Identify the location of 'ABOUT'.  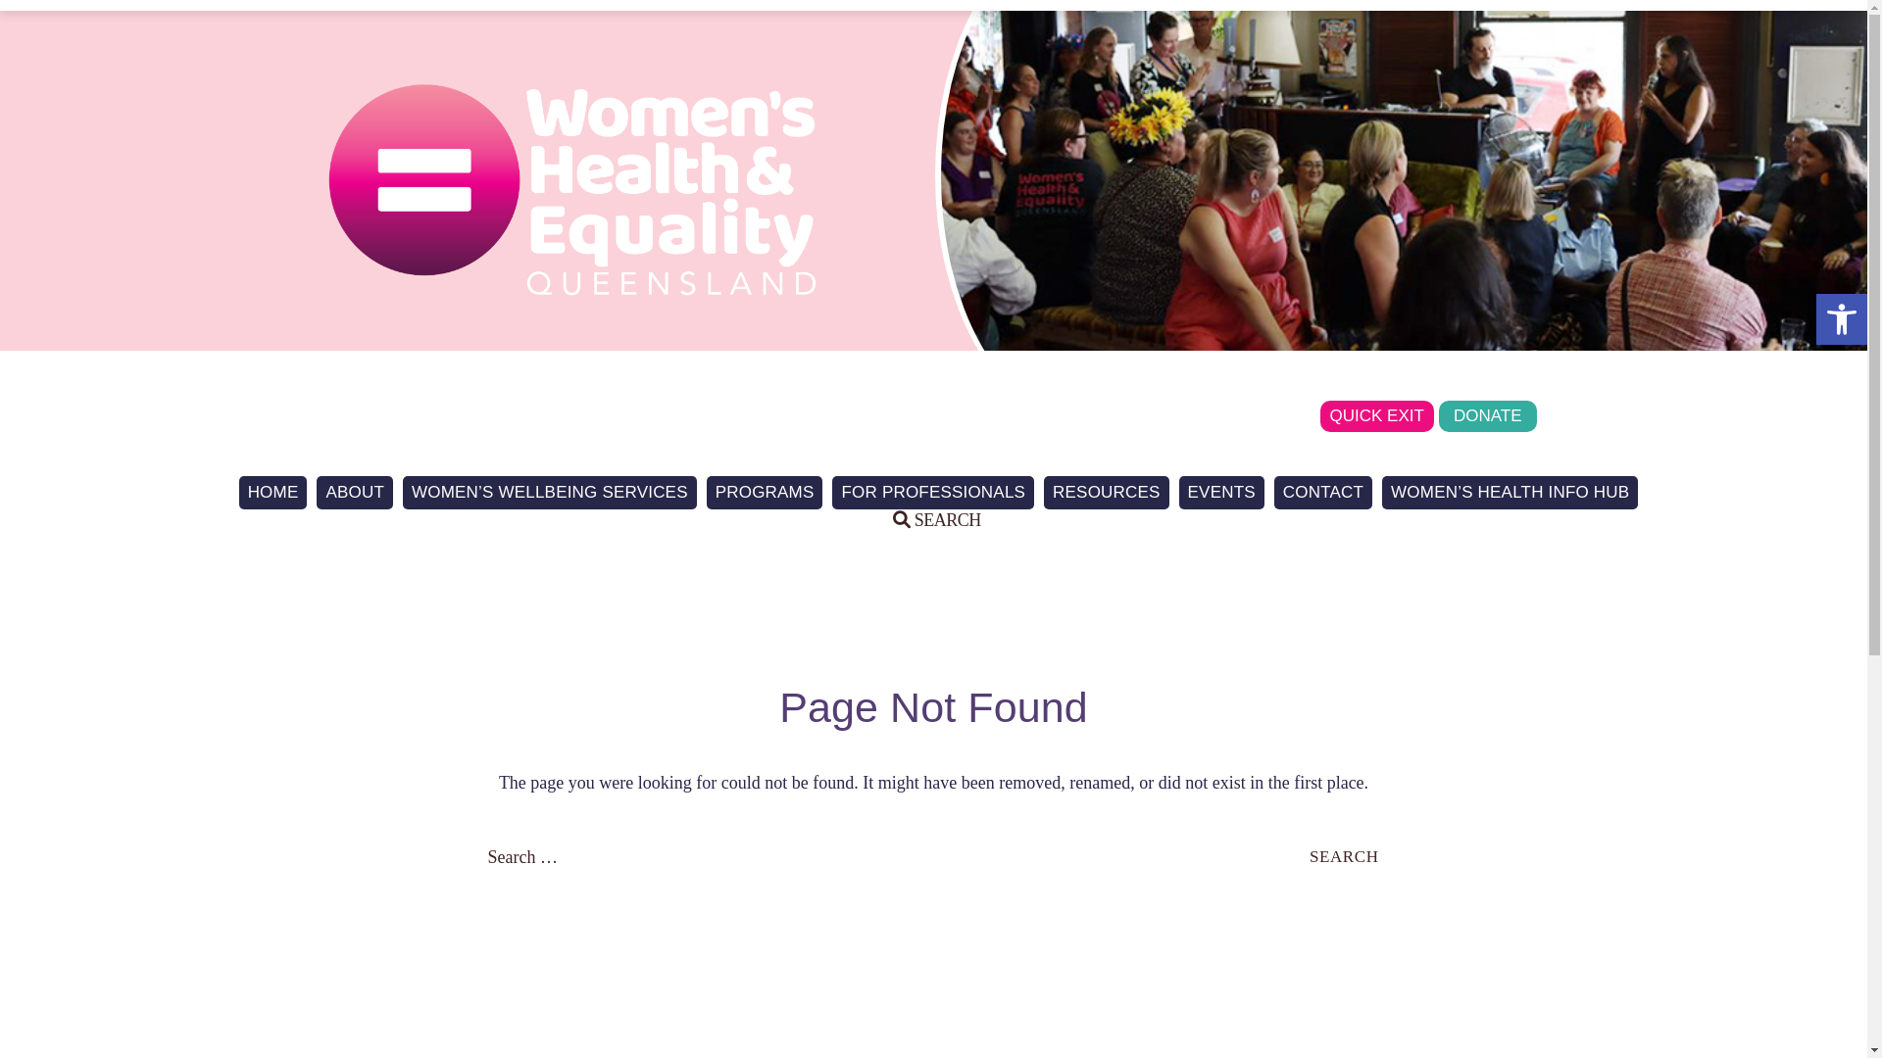
(354, 491).